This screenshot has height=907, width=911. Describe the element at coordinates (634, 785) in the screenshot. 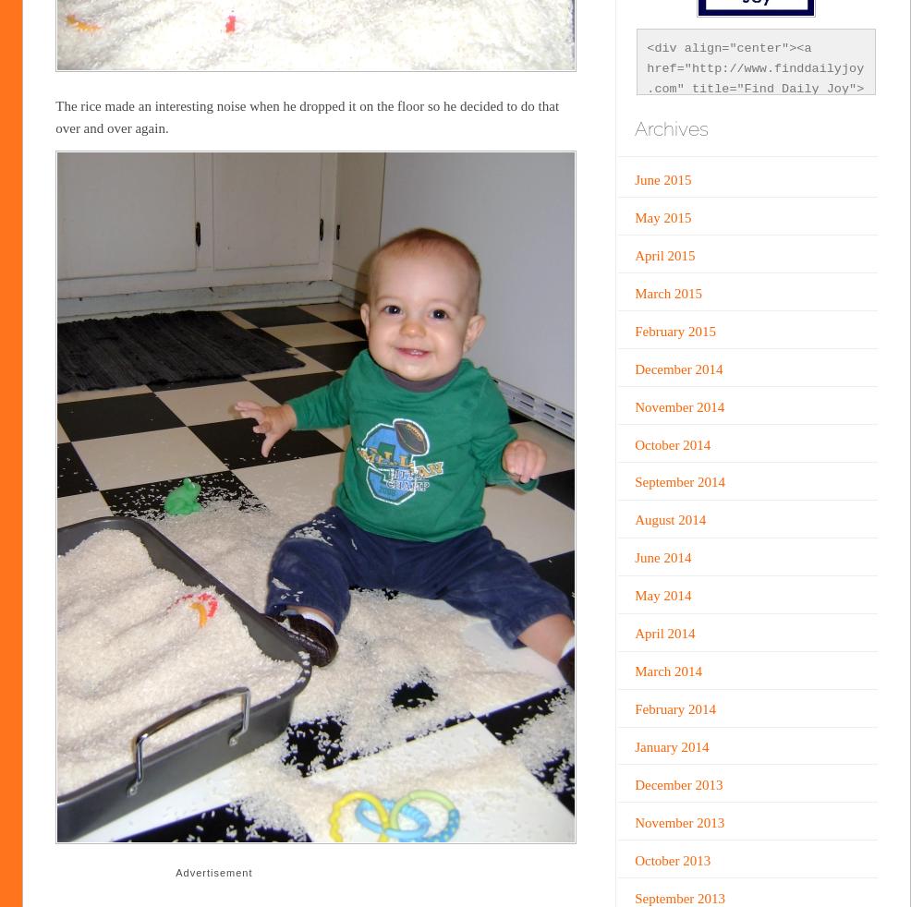

I see `'December 2013'` at that location.